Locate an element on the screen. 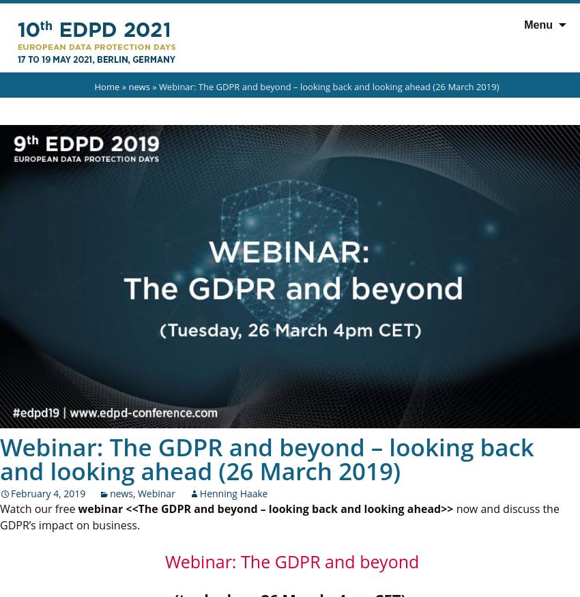 This screenshot has height=597, width=580. ',' is located at coordinates (134, 492).